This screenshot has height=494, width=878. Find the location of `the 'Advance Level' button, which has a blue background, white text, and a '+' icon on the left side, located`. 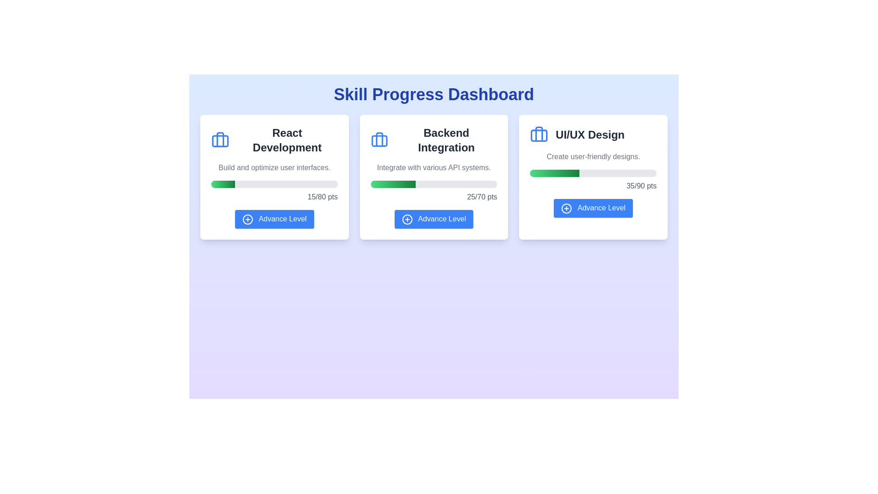

the 'Advance Level' button, which has a blue background, white text, and a '+' icon on the left side, located is located at coordinates (434, 219).